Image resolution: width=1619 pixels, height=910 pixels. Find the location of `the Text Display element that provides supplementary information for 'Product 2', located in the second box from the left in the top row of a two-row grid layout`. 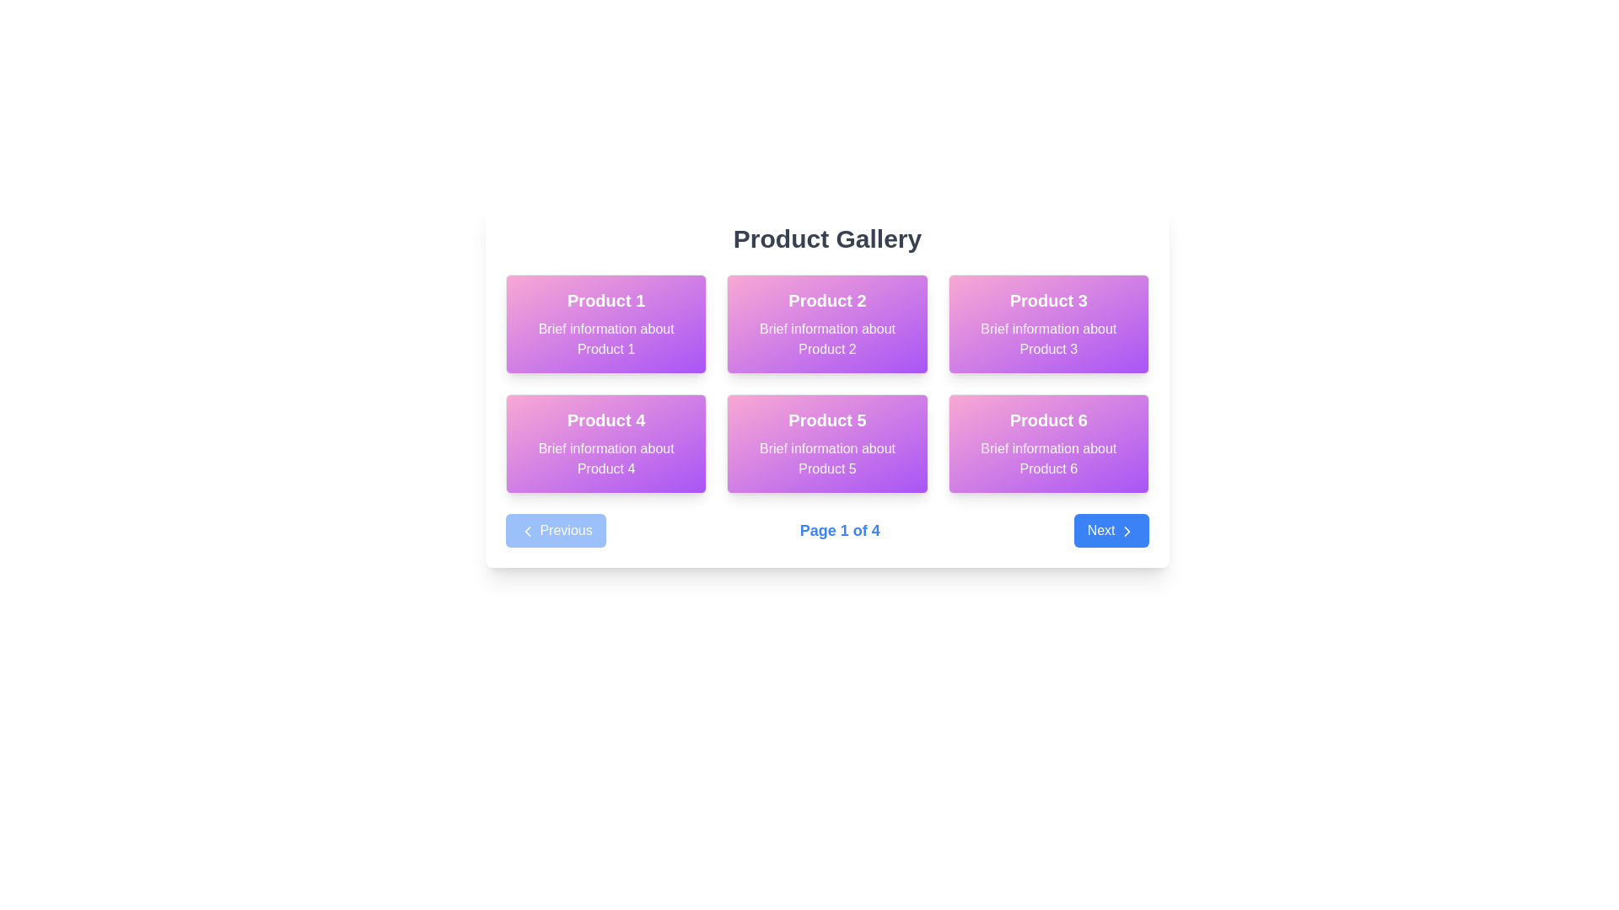

the Text Display element that provides supplementary information for 'Product 2', located in the second box from the left in the top row of a two-row grid layout is located at coordinates (827, 339).